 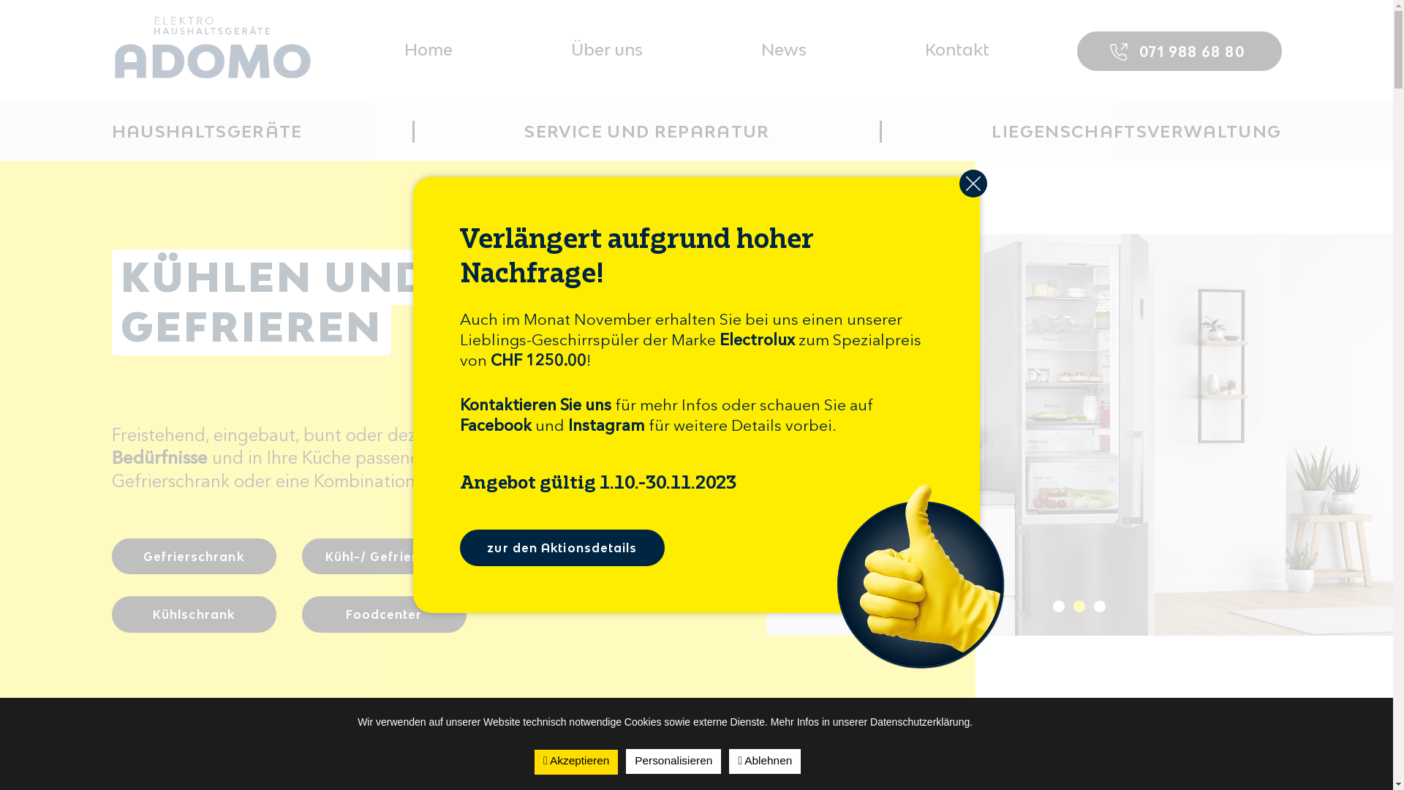 I want to click on 'News', so click(x=782, y=49).